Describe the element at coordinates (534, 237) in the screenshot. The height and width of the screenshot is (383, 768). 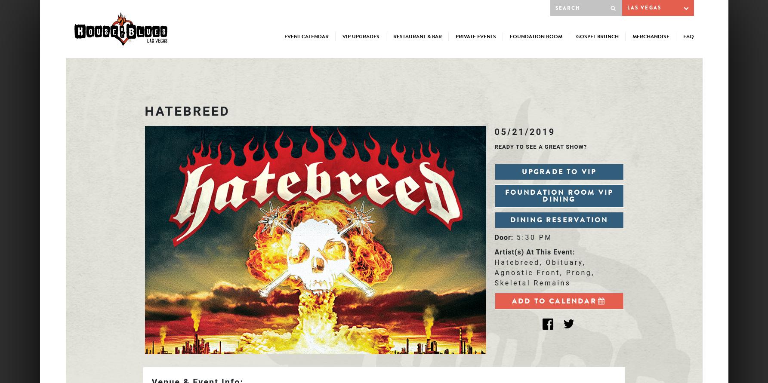
I see `'5:30 PM'` at that location.